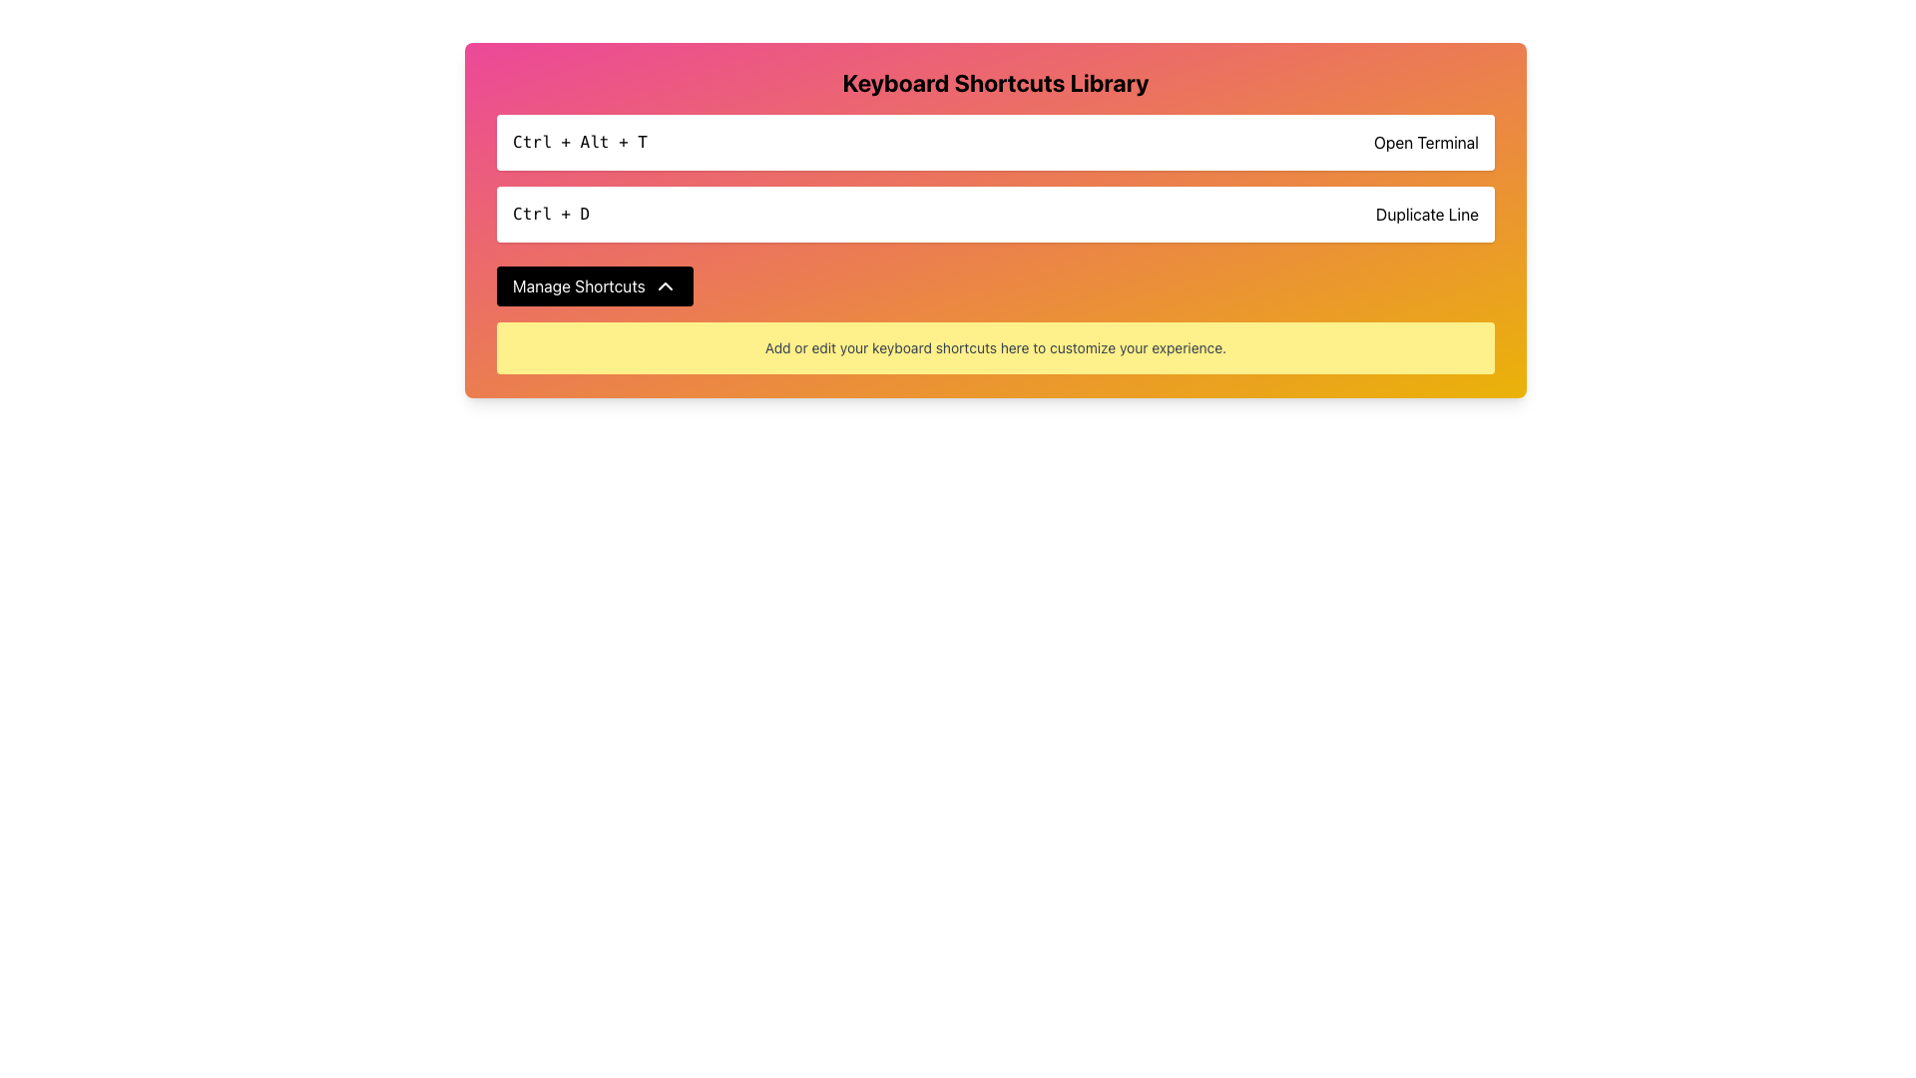  What do you see at coordinates (1425, 141) in the screenshot?
I see `the 'Open Terminal' button, which is a clickable label displaying the text in black on a white background, located in the top-right corner of the interface` at bounding box center [1425, 141].